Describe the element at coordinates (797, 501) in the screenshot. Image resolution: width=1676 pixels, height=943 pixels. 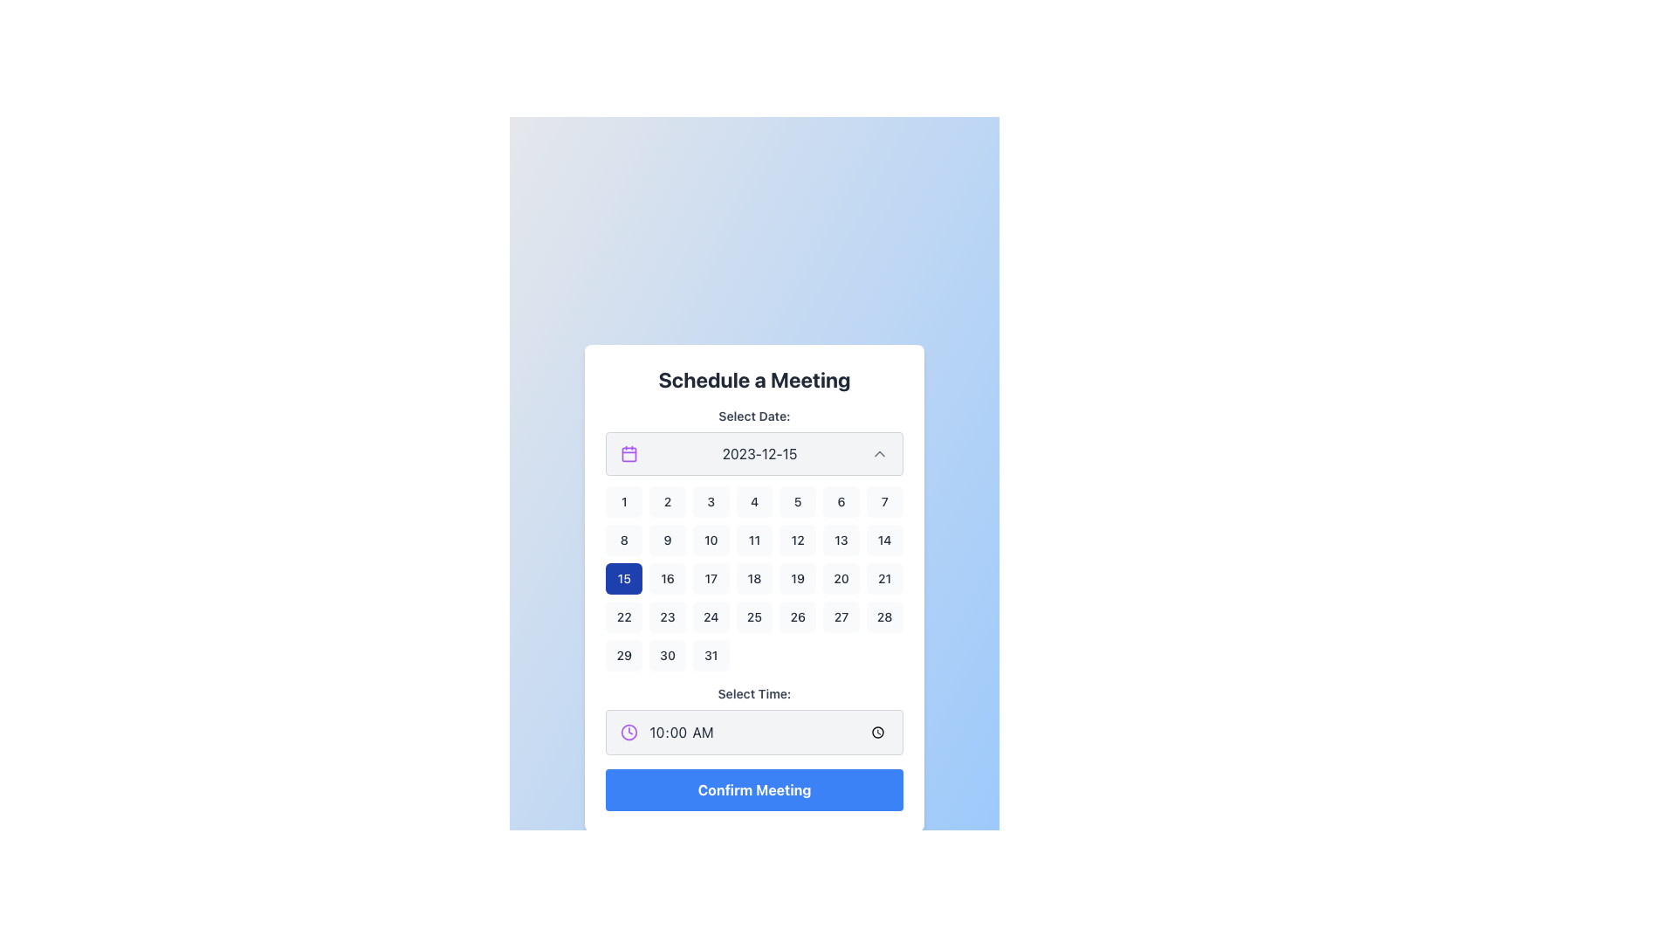
I see `the button displaying the number '5' in the top-right section of the central calendar interface` at that location.